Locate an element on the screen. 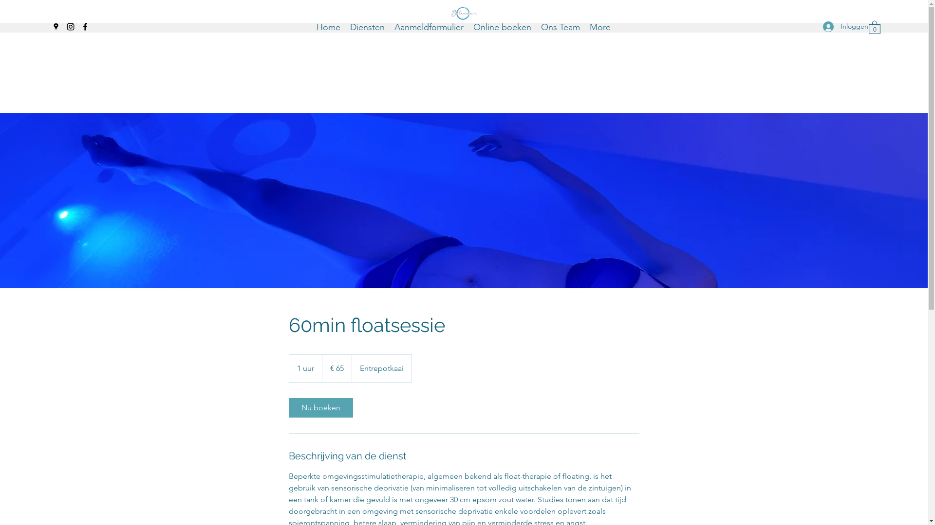 This screenshot has height=525, width=935. 'Online boeken' is located at coordinates (502, 26).